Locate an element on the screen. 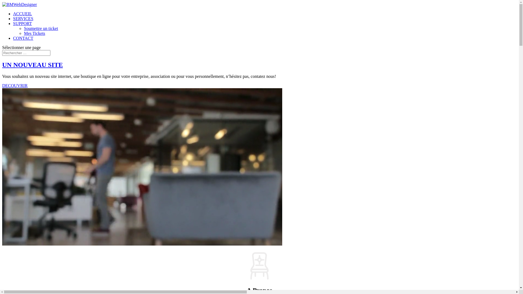  'ACCUEIL' is located at coordinates (22, 13).